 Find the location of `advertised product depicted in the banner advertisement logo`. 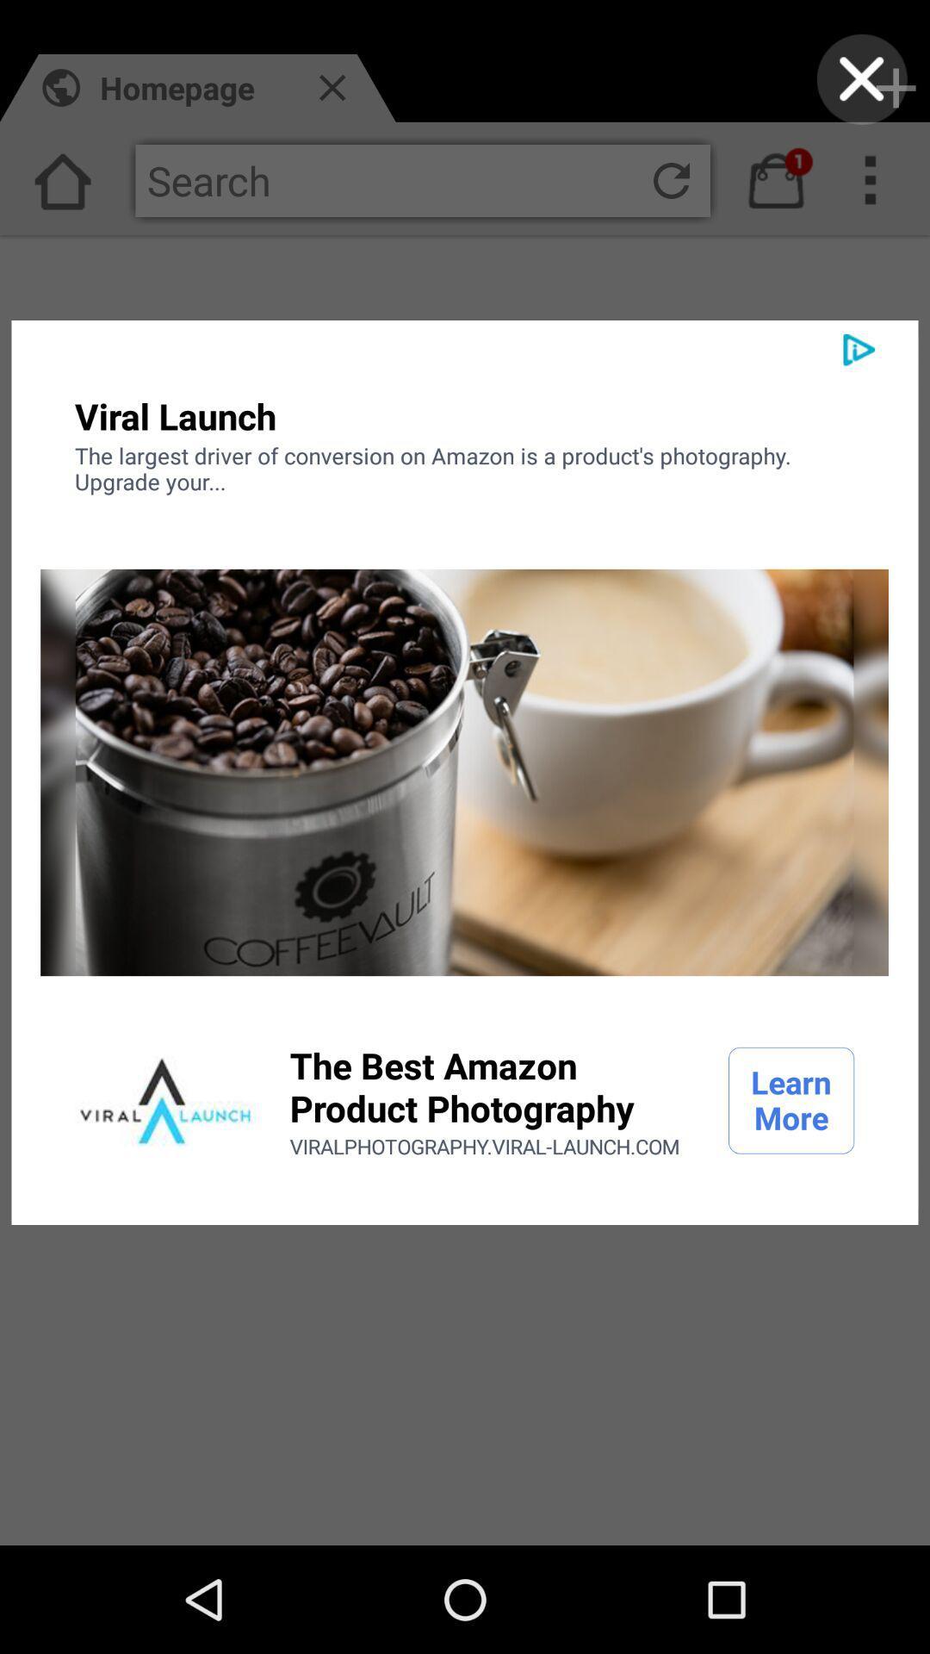

advertised product depicted in the banner advertisement logo is located at coordinates (165, 1099).